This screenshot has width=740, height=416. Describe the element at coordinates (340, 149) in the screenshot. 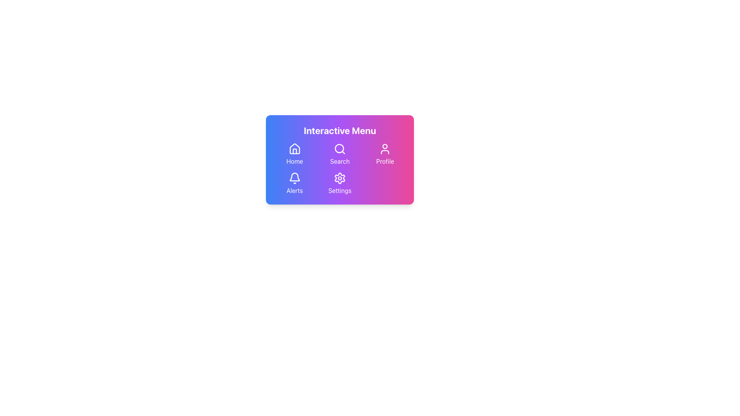

I see `the search icon, represented as a magnifying glass, located in the second row, first column of the interactive menu grid to initiate a search` at that location.